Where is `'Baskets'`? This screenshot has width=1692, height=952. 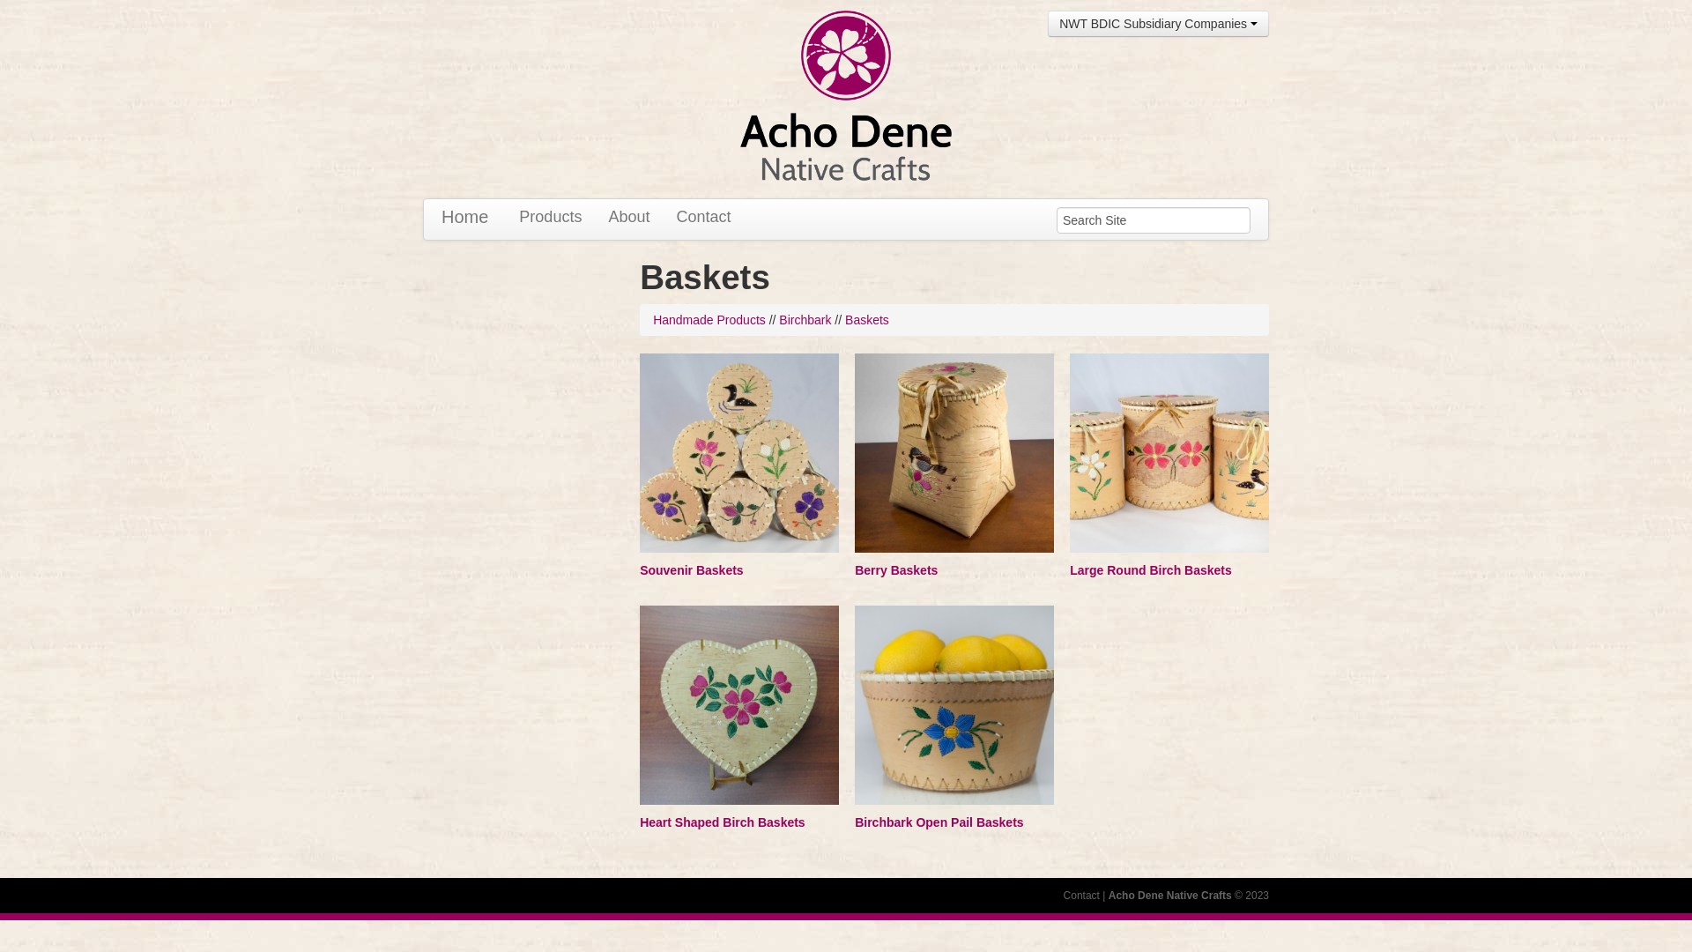
'Baskets' is located at coordinates (866, 319).